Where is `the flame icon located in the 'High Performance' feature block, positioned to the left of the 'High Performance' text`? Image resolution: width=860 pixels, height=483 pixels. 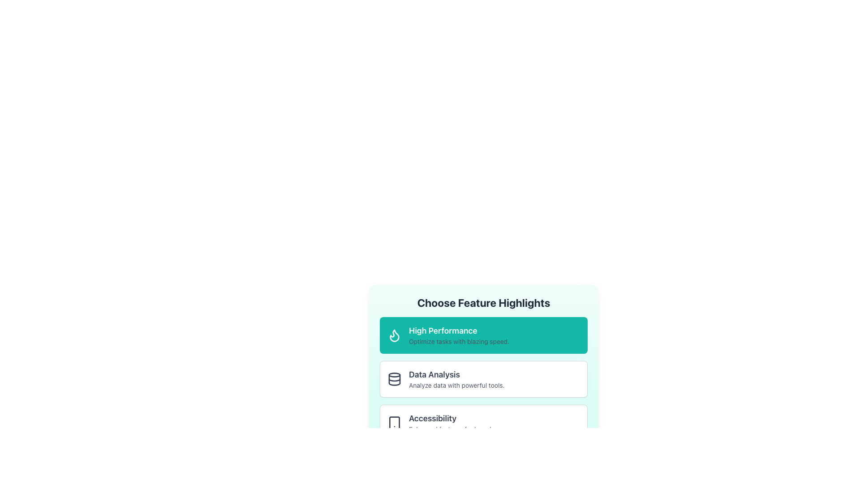 the flame icon located in the 'High Performance' feature block, positioned to the left of the 'High Performance' text is located at coordinates (394, 335).